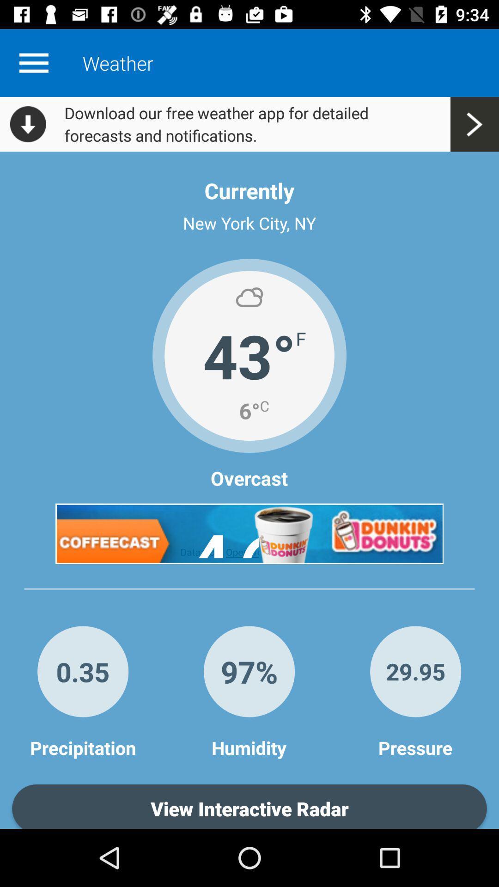 This screenshot has height=887, width=499. I want to click on display options, so click(33, 62).